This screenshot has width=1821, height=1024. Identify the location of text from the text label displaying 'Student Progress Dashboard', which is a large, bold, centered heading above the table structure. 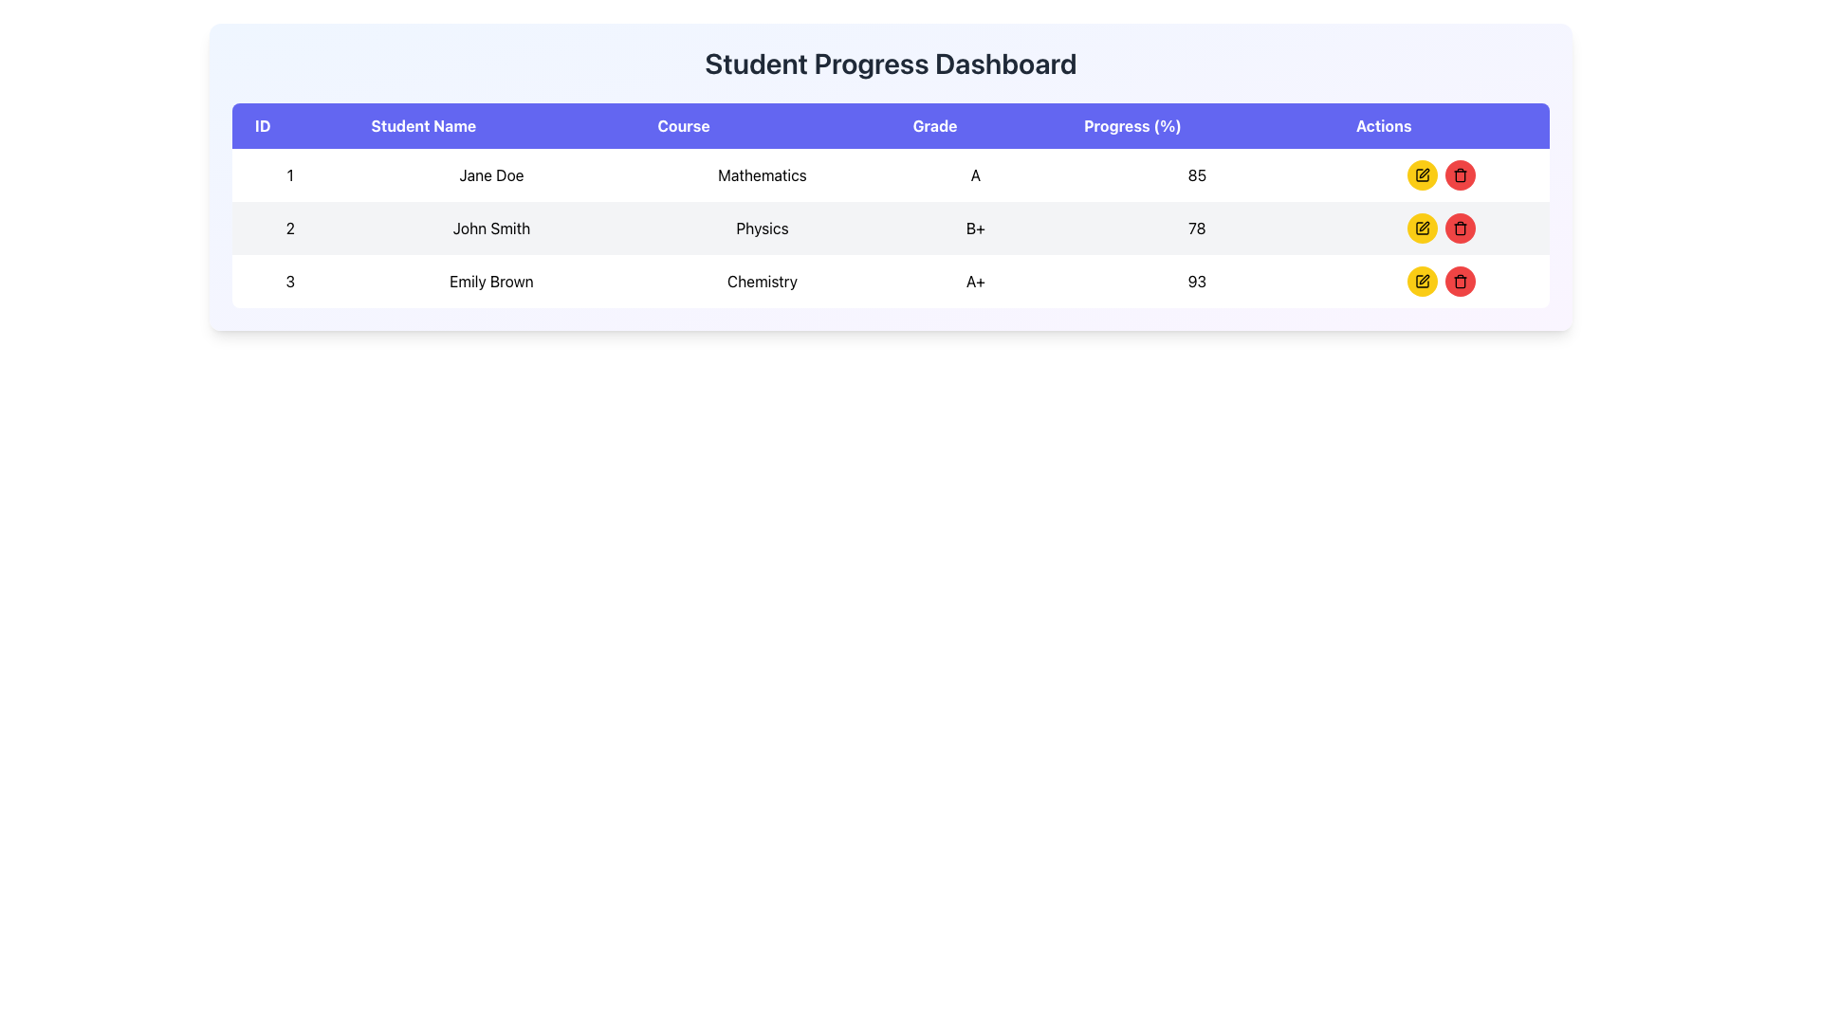
(890, 62).